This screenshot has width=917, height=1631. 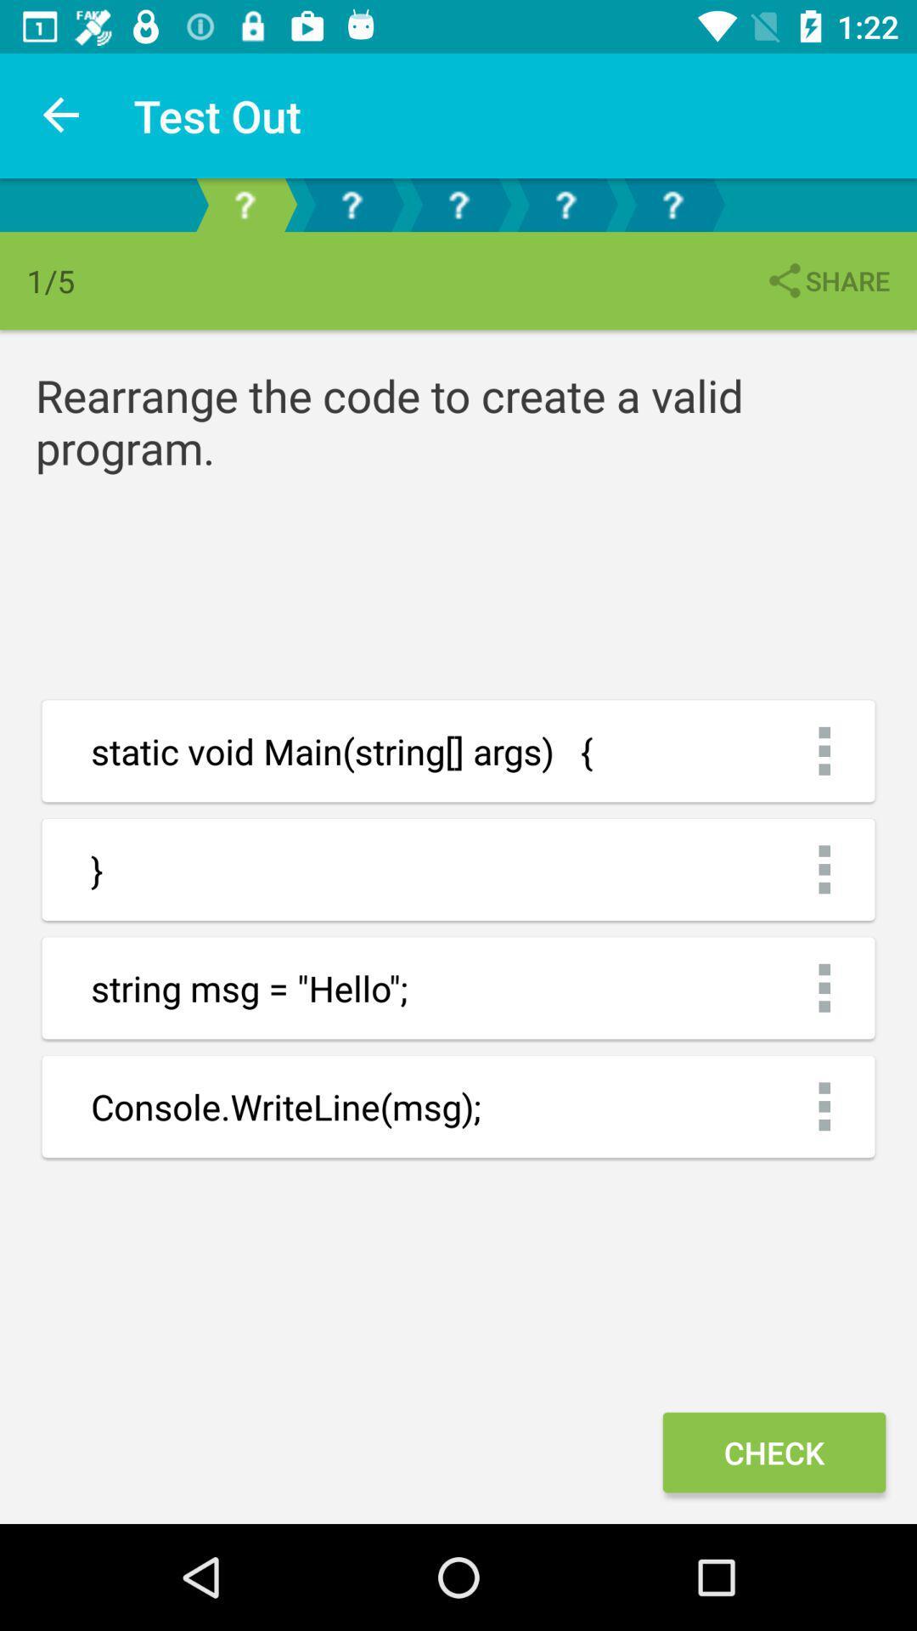 What do you see at coordinates (774, 1451) in the screenshot?
I see `the check icon` at bounding box center [774, 1451].